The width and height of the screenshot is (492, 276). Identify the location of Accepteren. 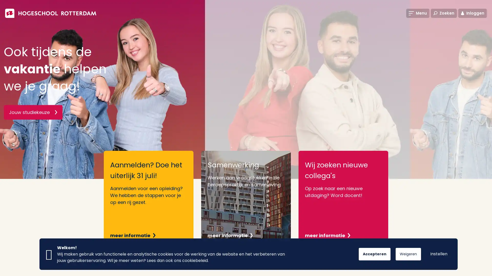
(374, 254).